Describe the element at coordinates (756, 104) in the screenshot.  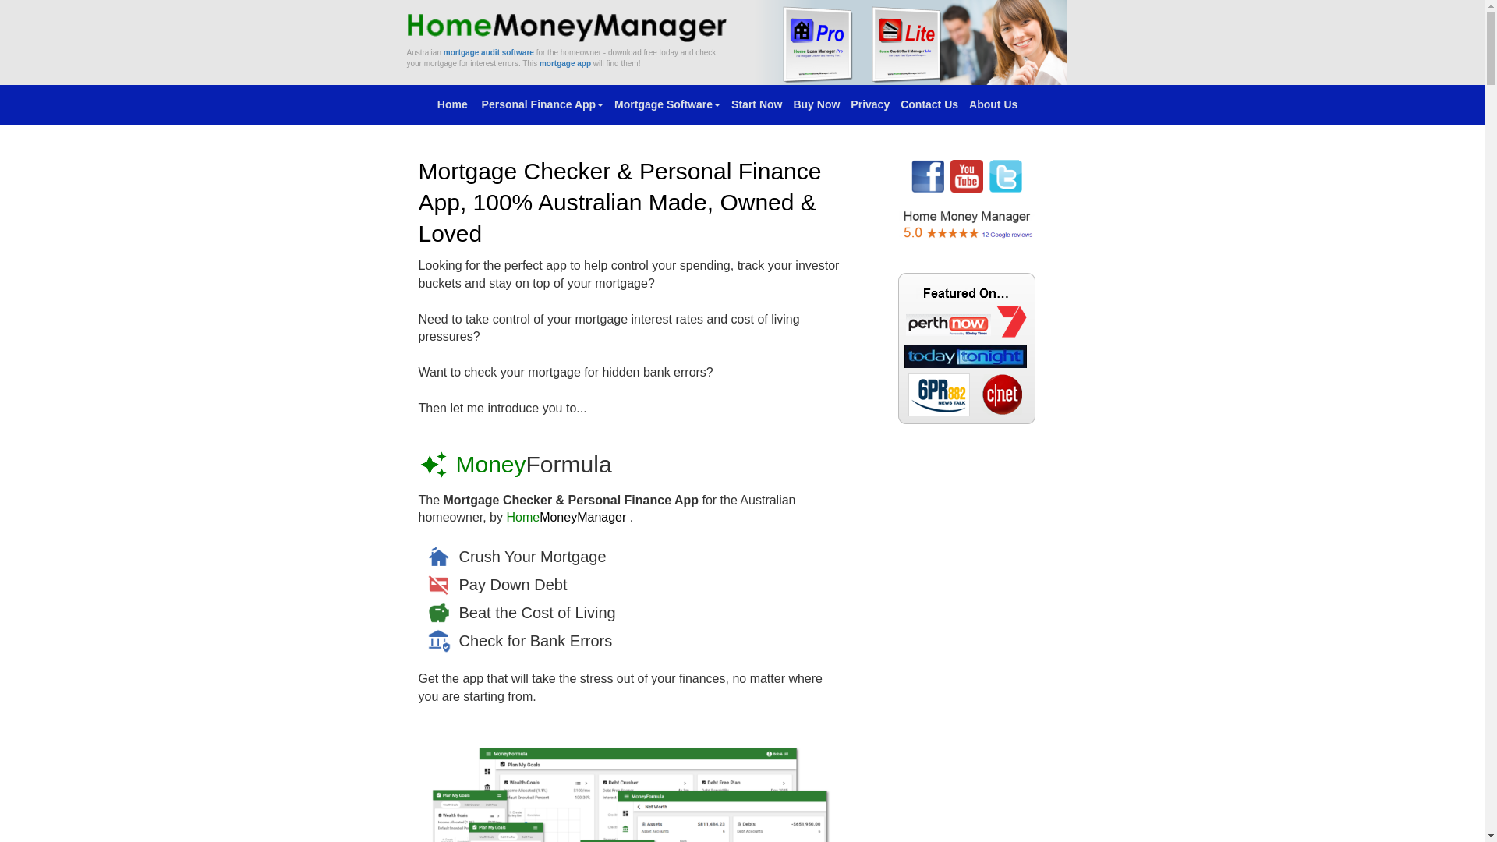
I see `'Start Now'` at that location.